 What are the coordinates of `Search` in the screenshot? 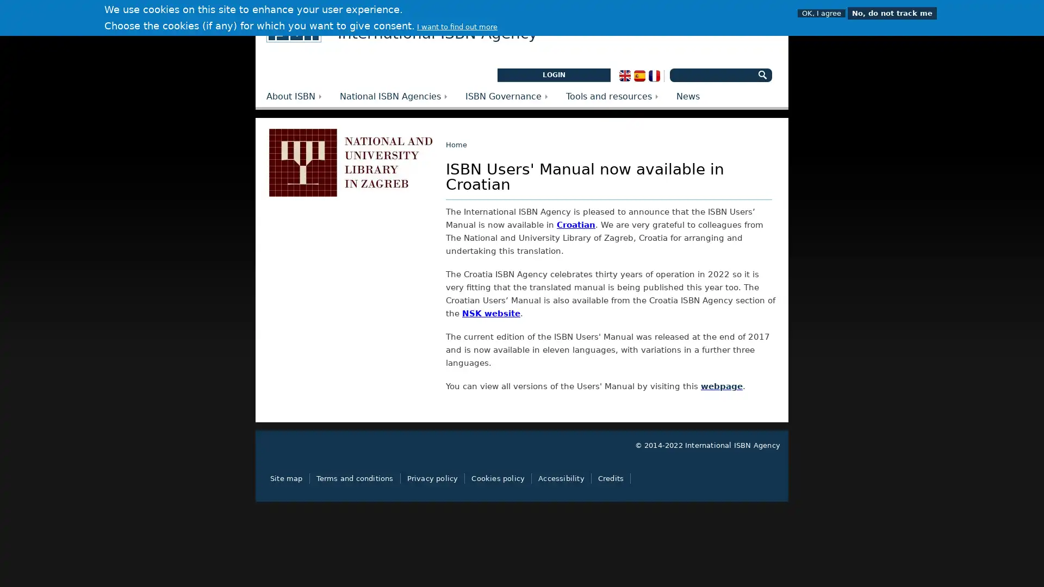 It's located at (762, 74).